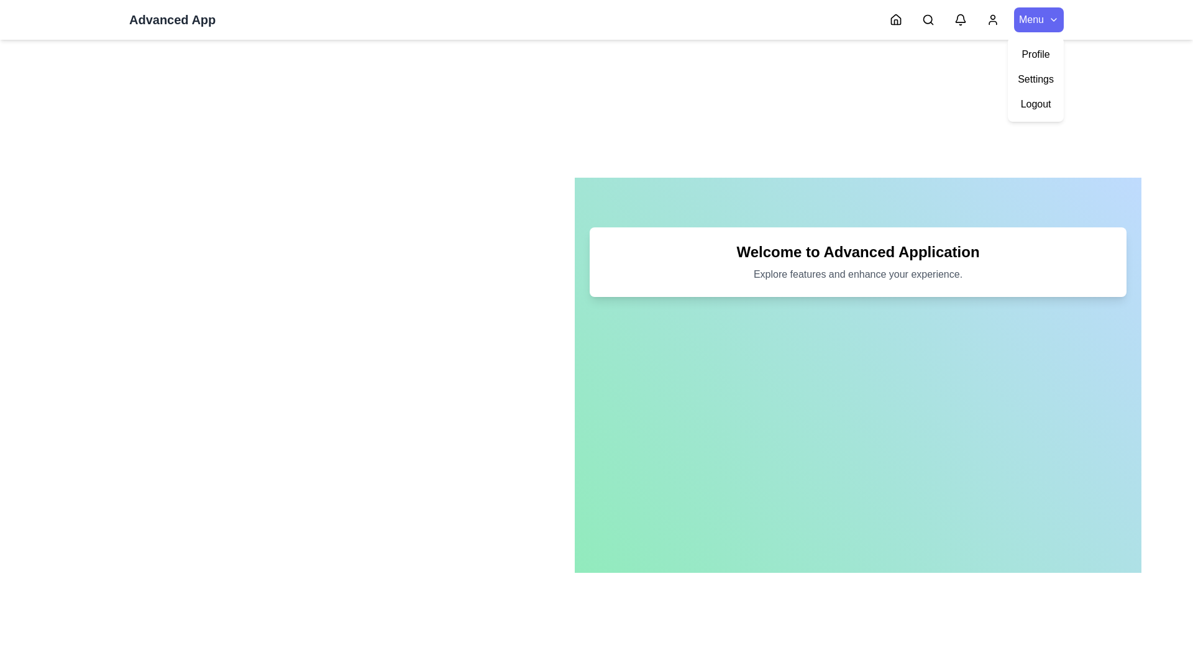 This screenshot has width=1193, height=671. Describe the element at coordinates (928, 19) in the screenshot. I see `the Search navigation icon` at that location.